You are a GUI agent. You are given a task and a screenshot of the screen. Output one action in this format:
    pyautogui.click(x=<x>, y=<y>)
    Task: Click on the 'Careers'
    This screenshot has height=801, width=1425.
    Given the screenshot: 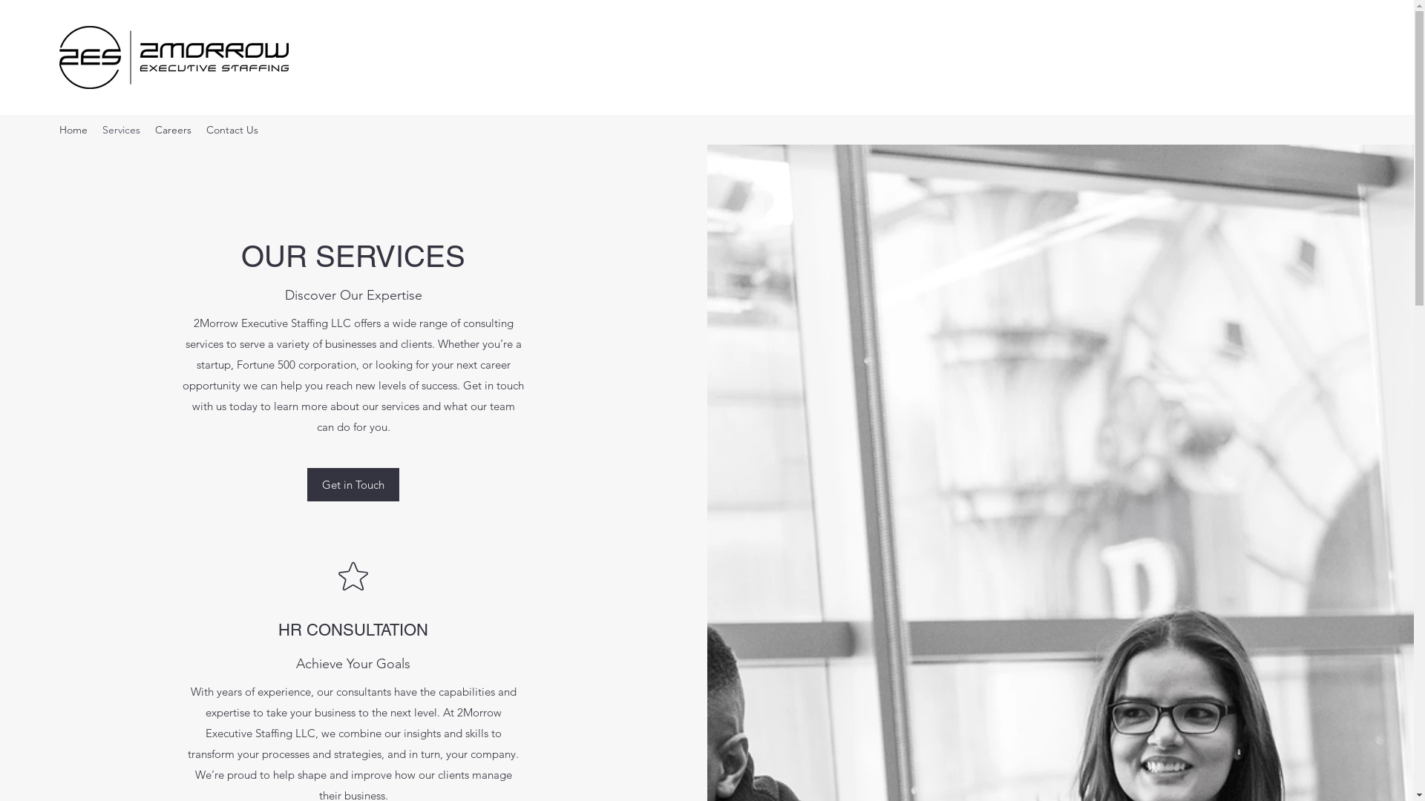 What is the action you would take?
    pyautogui.click(x=173, y=128)
    